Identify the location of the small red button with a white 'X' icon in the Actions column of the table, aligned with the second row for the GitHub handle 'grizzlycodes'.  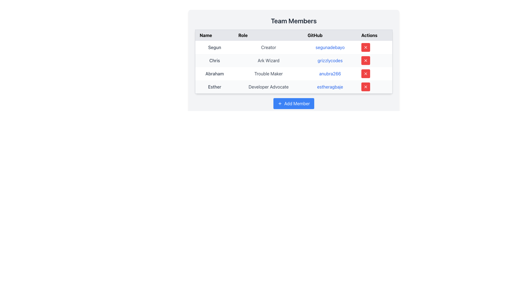
(365, 60).